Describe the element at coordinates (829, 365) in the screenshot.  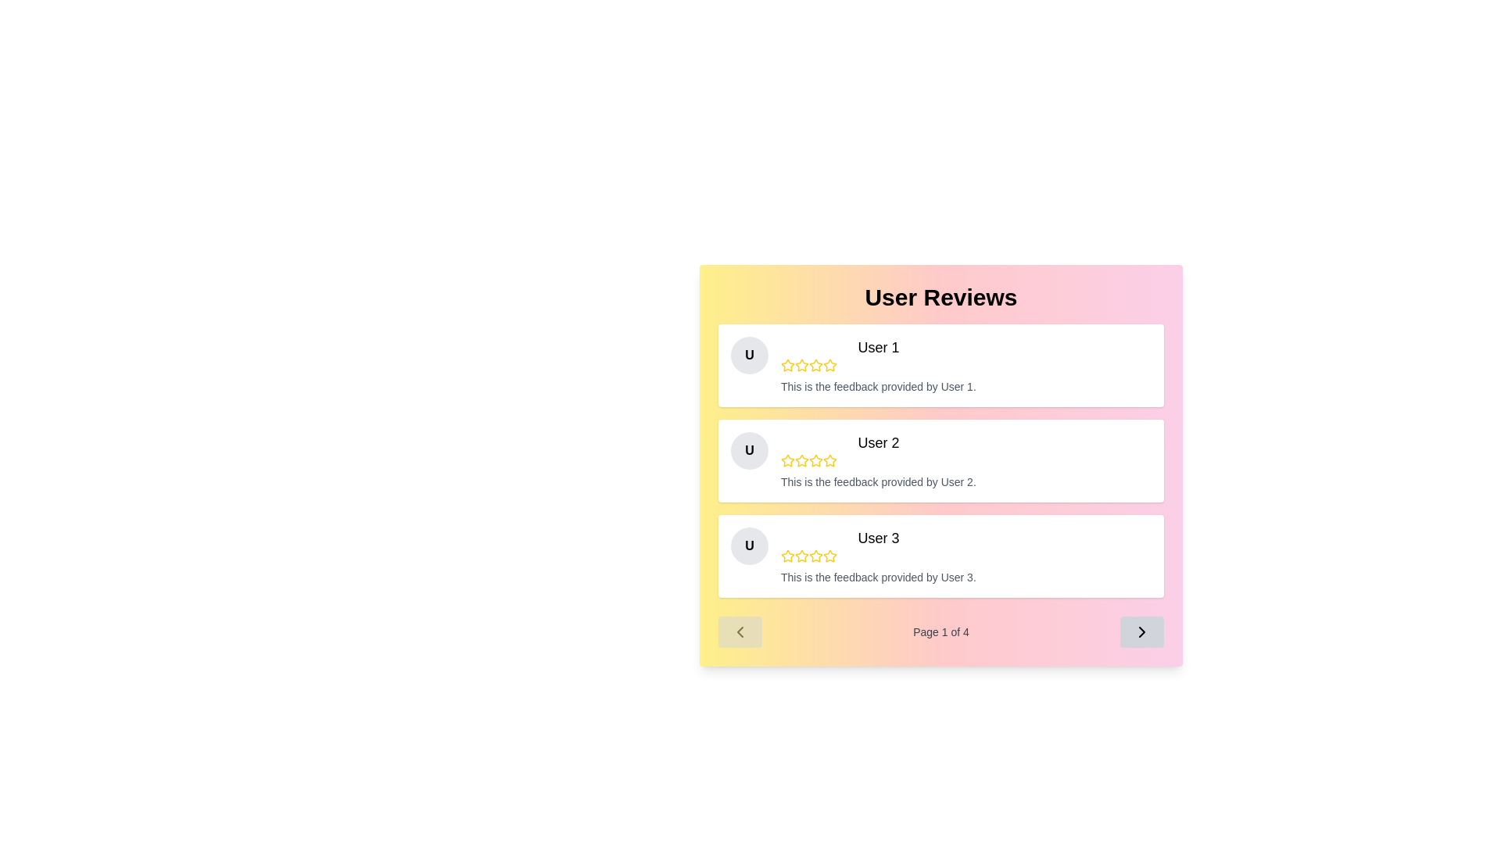
I see `the highlighted star icon representing the current rating in the user reviews section for 'User 1'` at that location.